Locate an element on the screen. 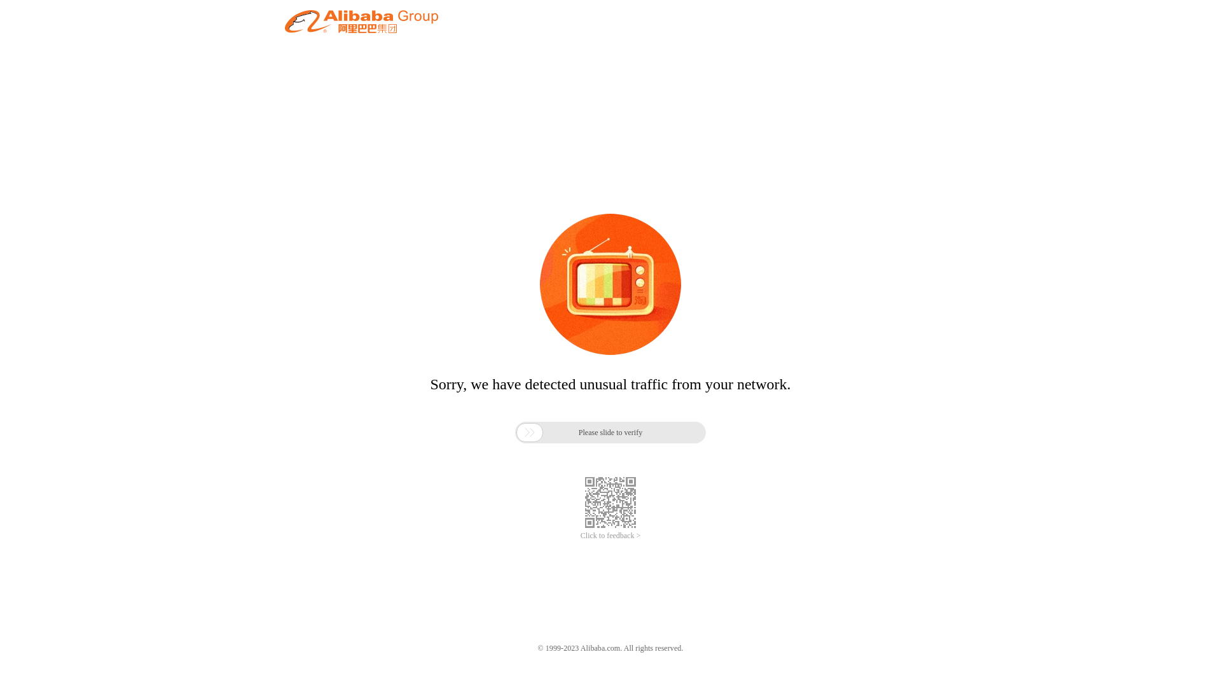 The height and width of the screenshot is (687, 1221). 'Click to feedback >' is located at coordinates (579, 536).